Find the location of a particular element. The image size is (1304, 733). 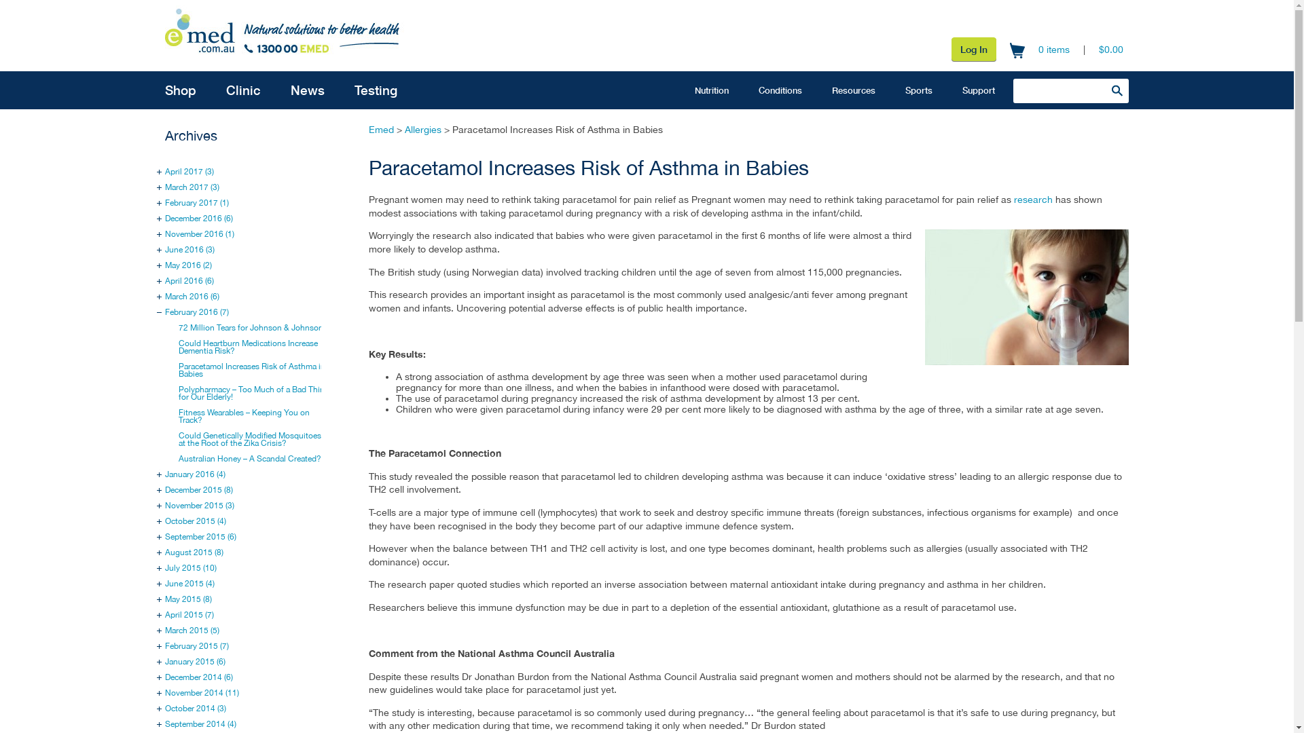

'May 2015 (8)' is located at coordinates (187, 599).